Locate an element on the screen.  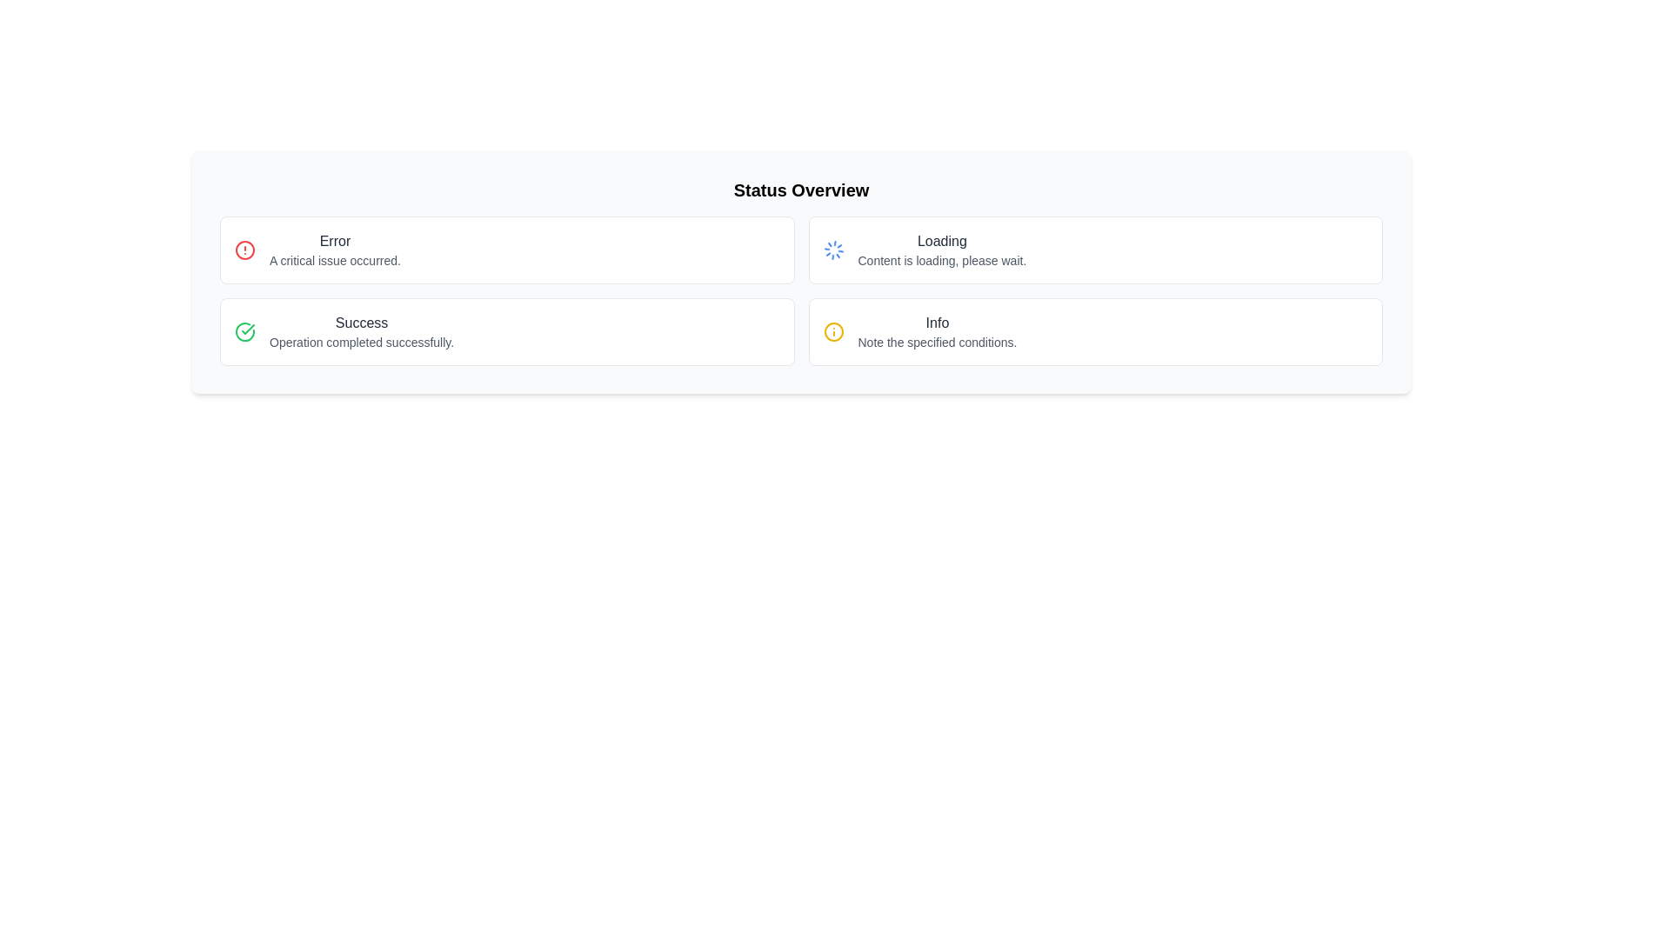
the Circle graphic that serves as the outer boundary of the information icon located at the center of the 'Info' section on the right side of the application layout is located at coordinates (832, 331).